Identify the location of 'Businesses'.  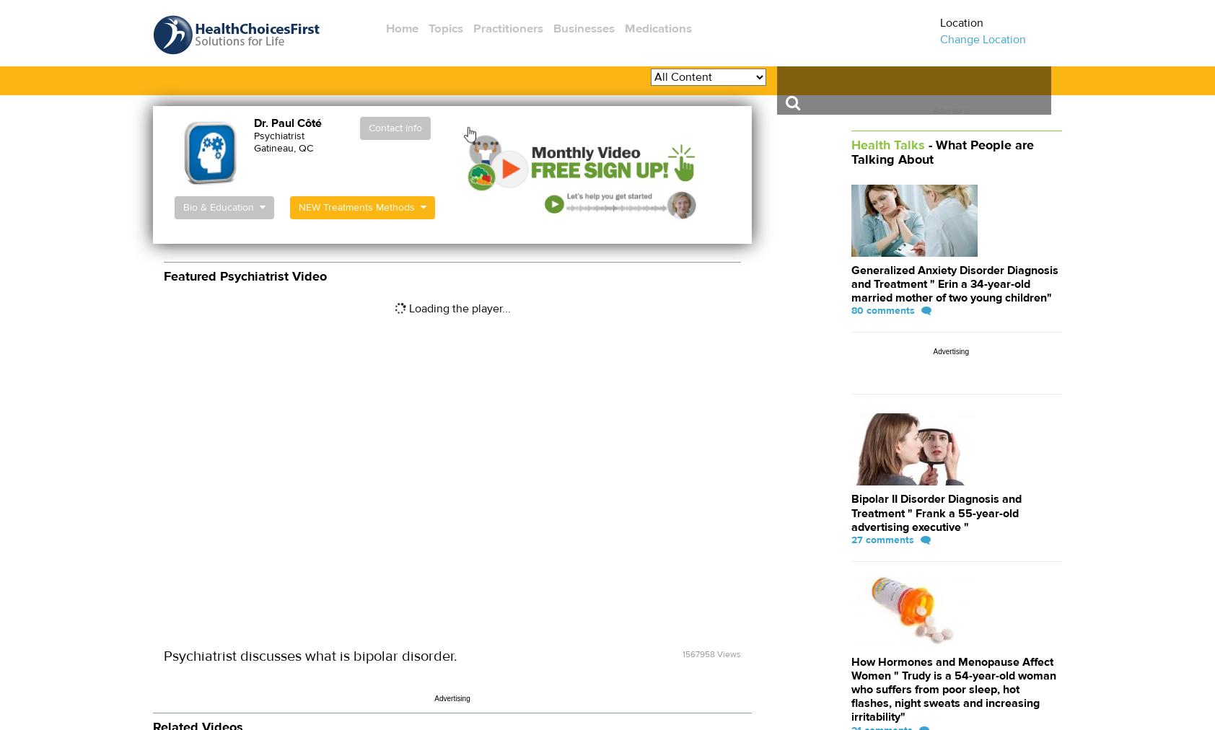
(584, 27).